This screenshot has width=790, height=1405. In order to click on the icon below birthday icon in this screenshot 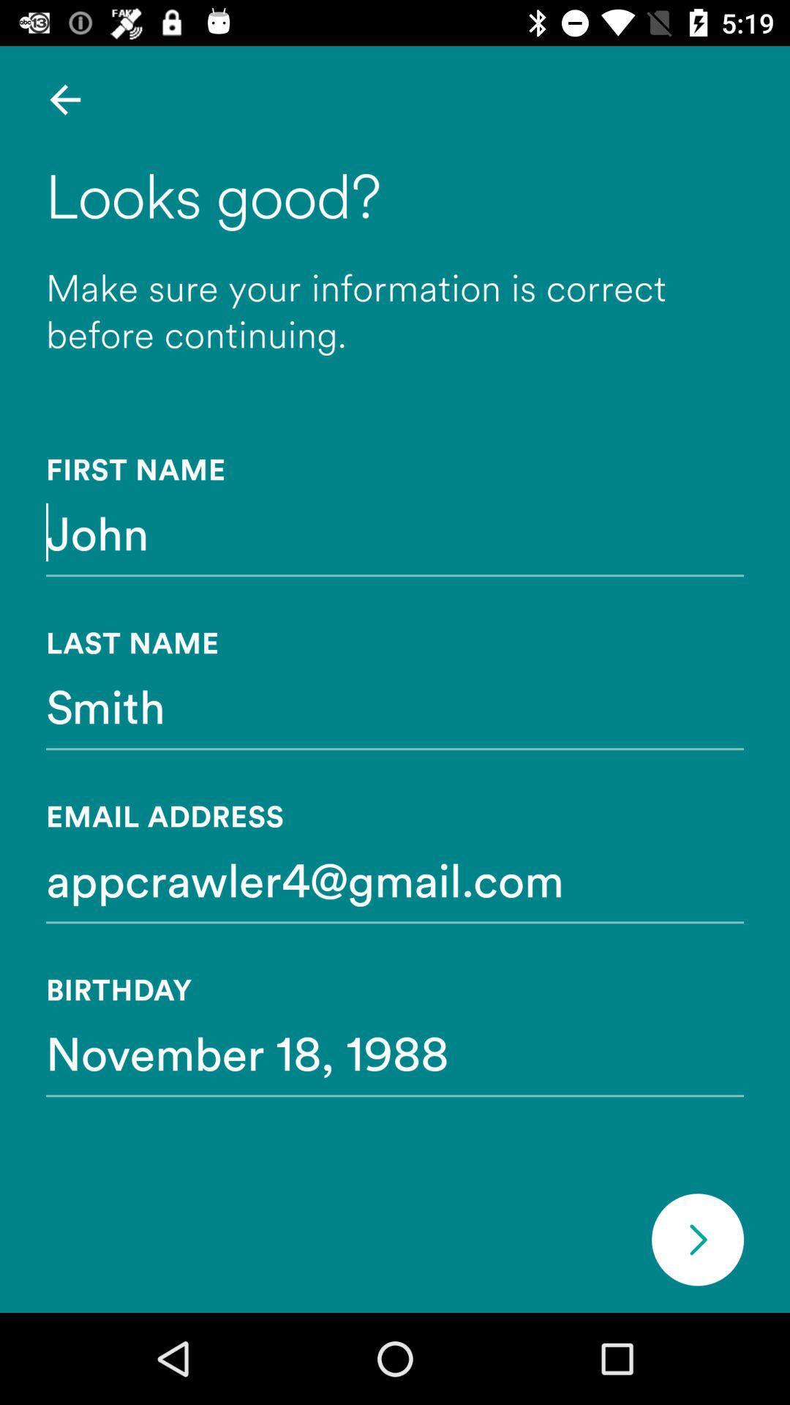, I will do `click(395, 1052)`.